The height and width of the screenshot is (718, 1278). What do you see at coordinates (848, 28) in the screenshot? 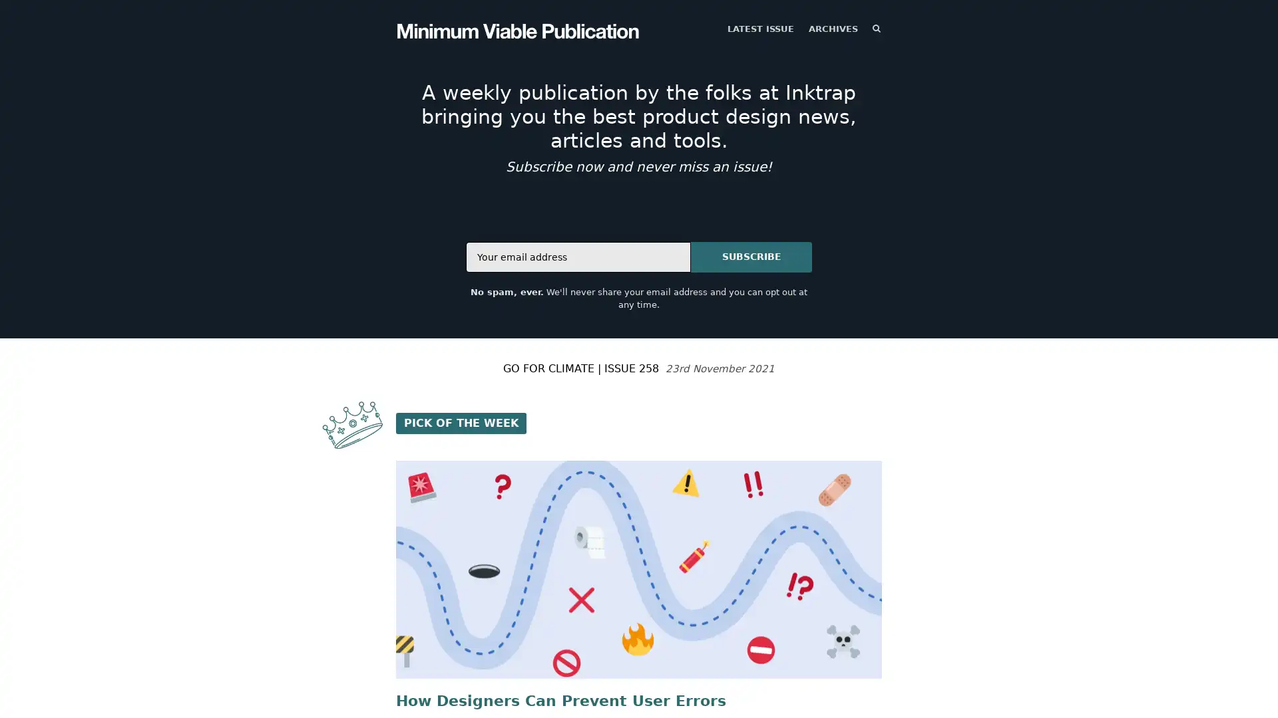
I see `SEARCH` at bounding box center [848, 28].